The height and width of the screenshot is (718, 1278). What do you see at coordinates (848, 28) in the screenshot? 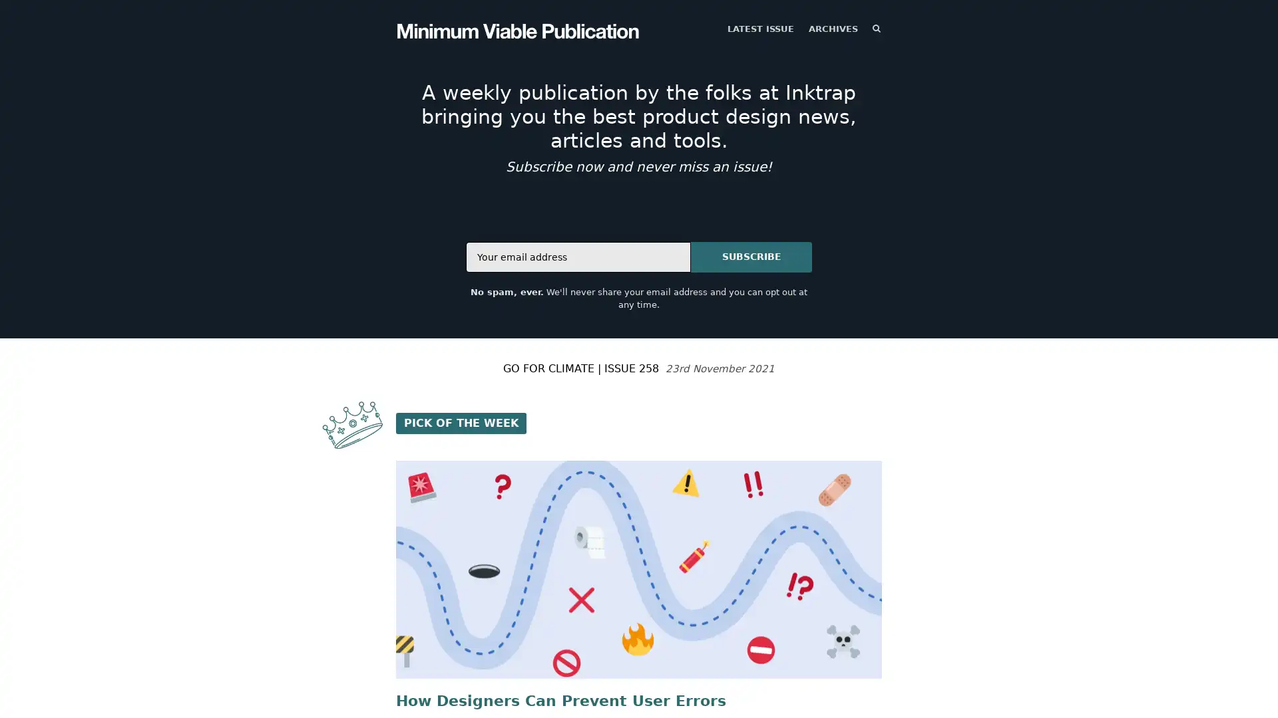
I see `SEARCH` at bounding box center [848, 28].